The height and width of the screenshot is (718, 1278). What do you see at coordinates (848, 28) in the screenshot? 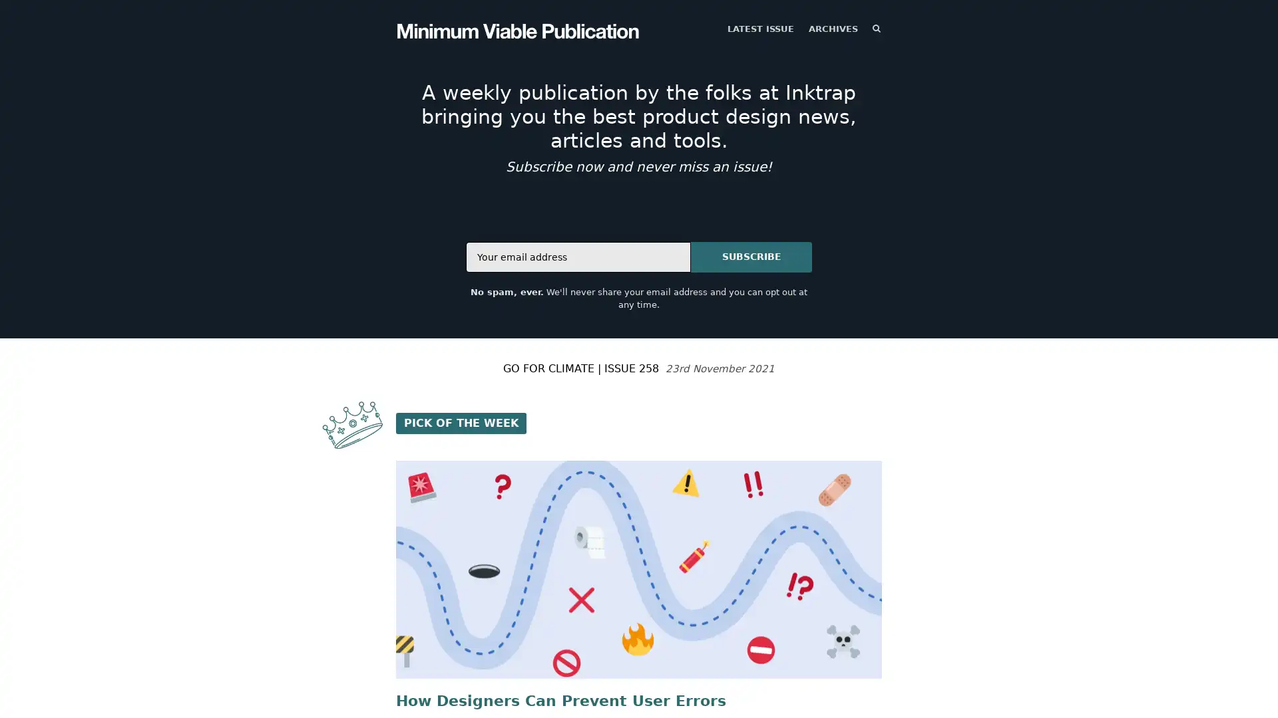
I see `SEARCH` at bounding box center [848, 28].